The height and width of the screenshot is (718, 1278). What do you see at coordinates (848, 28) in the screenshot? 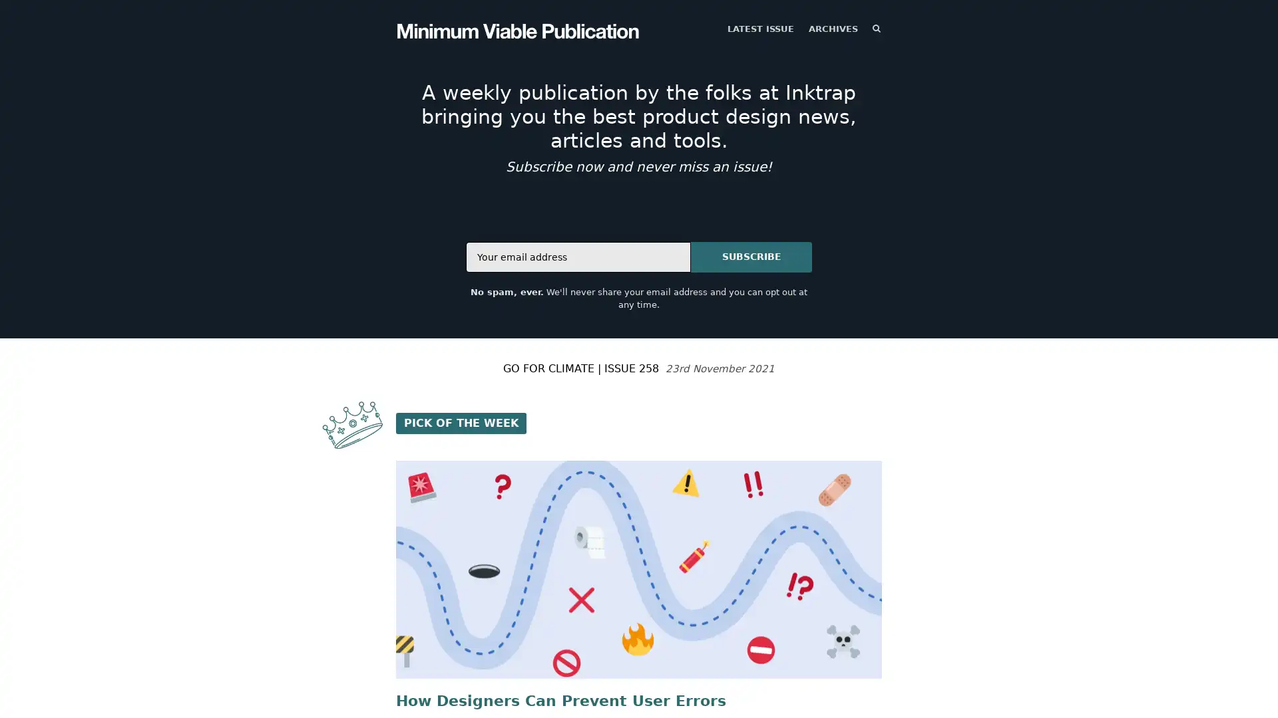
I see `SEARCH` at bounding box center [848, 28].